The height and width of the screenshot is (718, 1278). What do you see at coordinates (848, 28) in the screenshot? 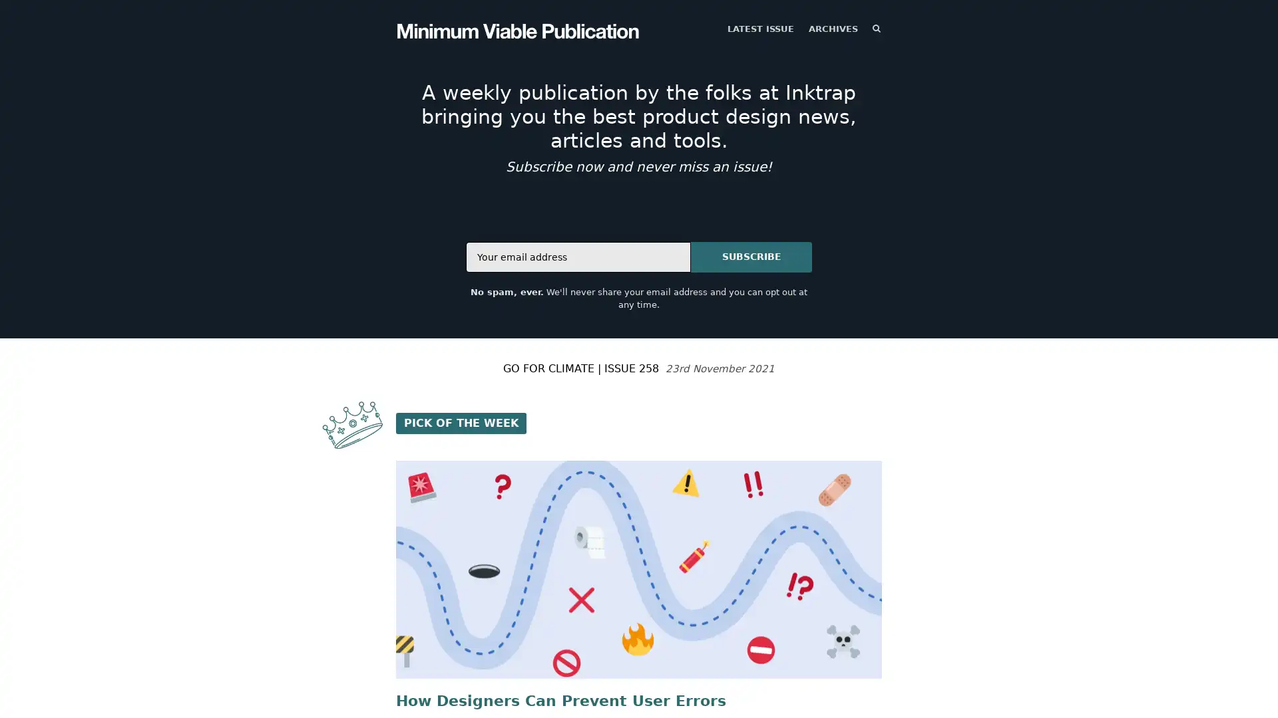
I see `SEARCH` at bounding box center [848, 28].